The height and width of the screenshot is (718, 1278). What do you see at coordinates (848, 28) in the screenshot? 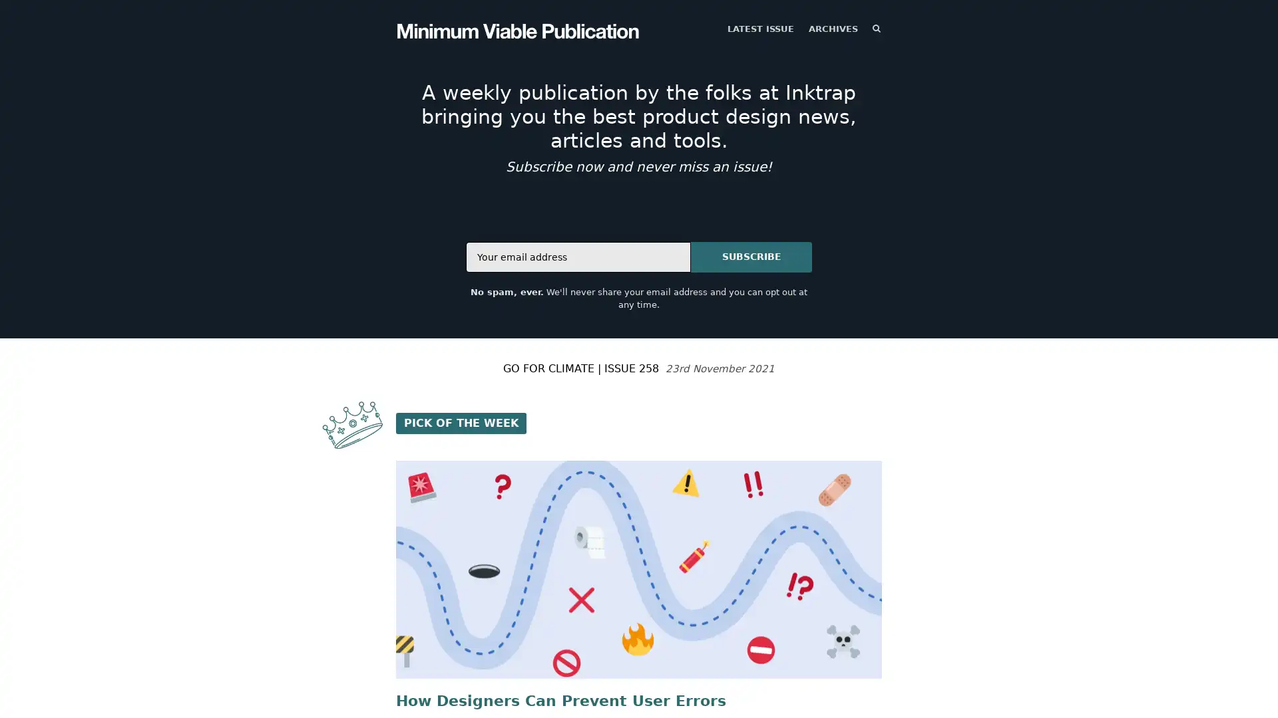
I see `SEARCH` at bounding box center [848, 28].